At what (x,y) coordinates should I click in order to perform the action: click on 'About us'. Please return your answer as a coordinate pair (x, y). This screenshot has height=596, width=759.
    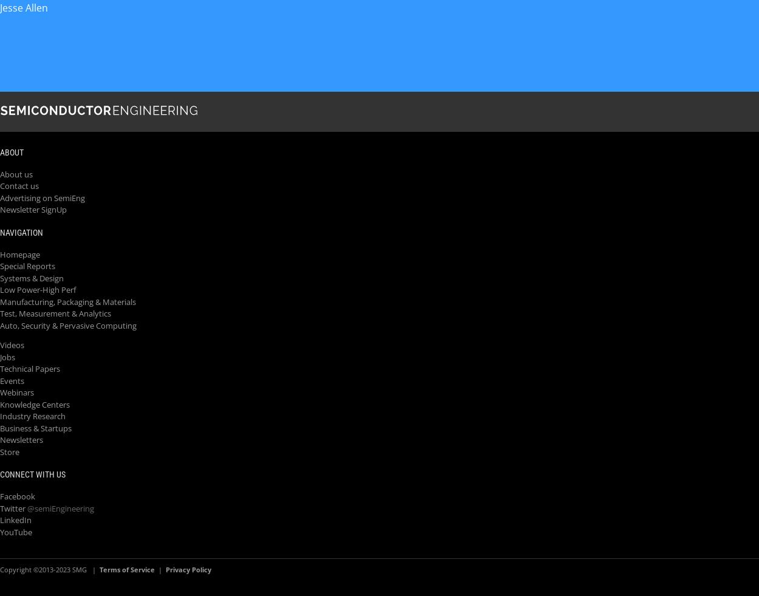
    Looking at the image, I should click on (0, 173).